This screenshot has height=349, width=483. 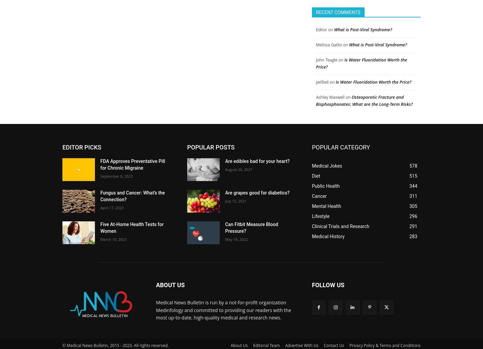 What do you see at coordinates (312, 173) in the screenshot?
I see `'Diet'` at bounding box center [312, 173].